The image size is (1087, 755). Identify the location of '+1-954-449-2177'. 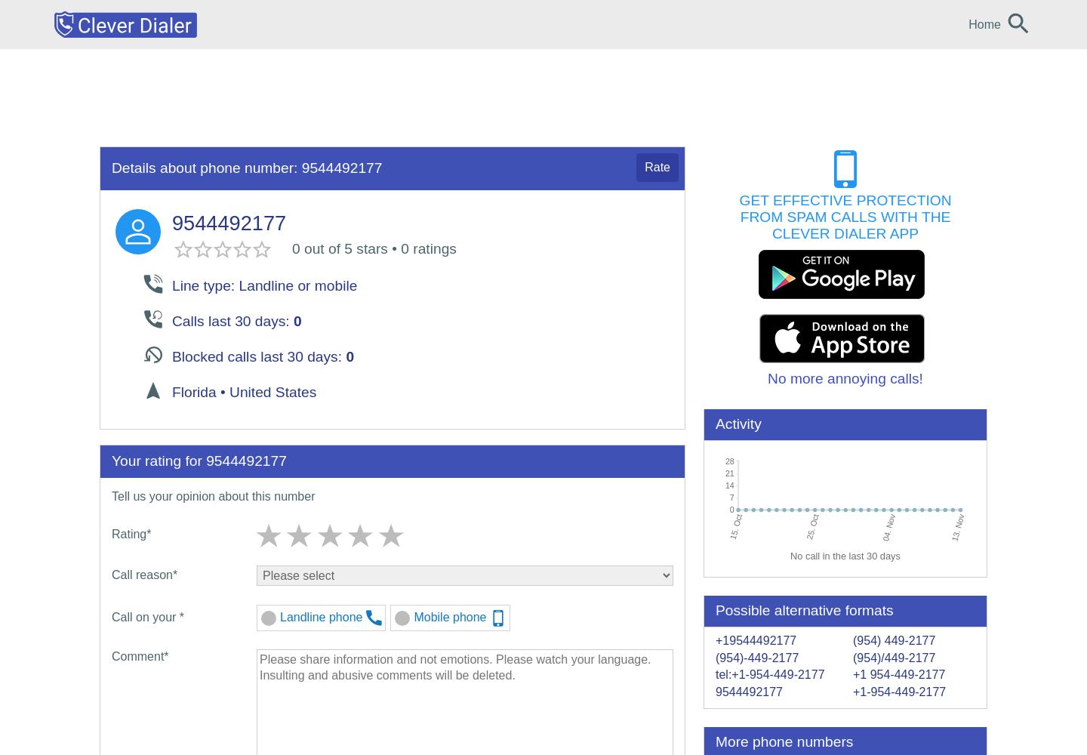
(851, 692).